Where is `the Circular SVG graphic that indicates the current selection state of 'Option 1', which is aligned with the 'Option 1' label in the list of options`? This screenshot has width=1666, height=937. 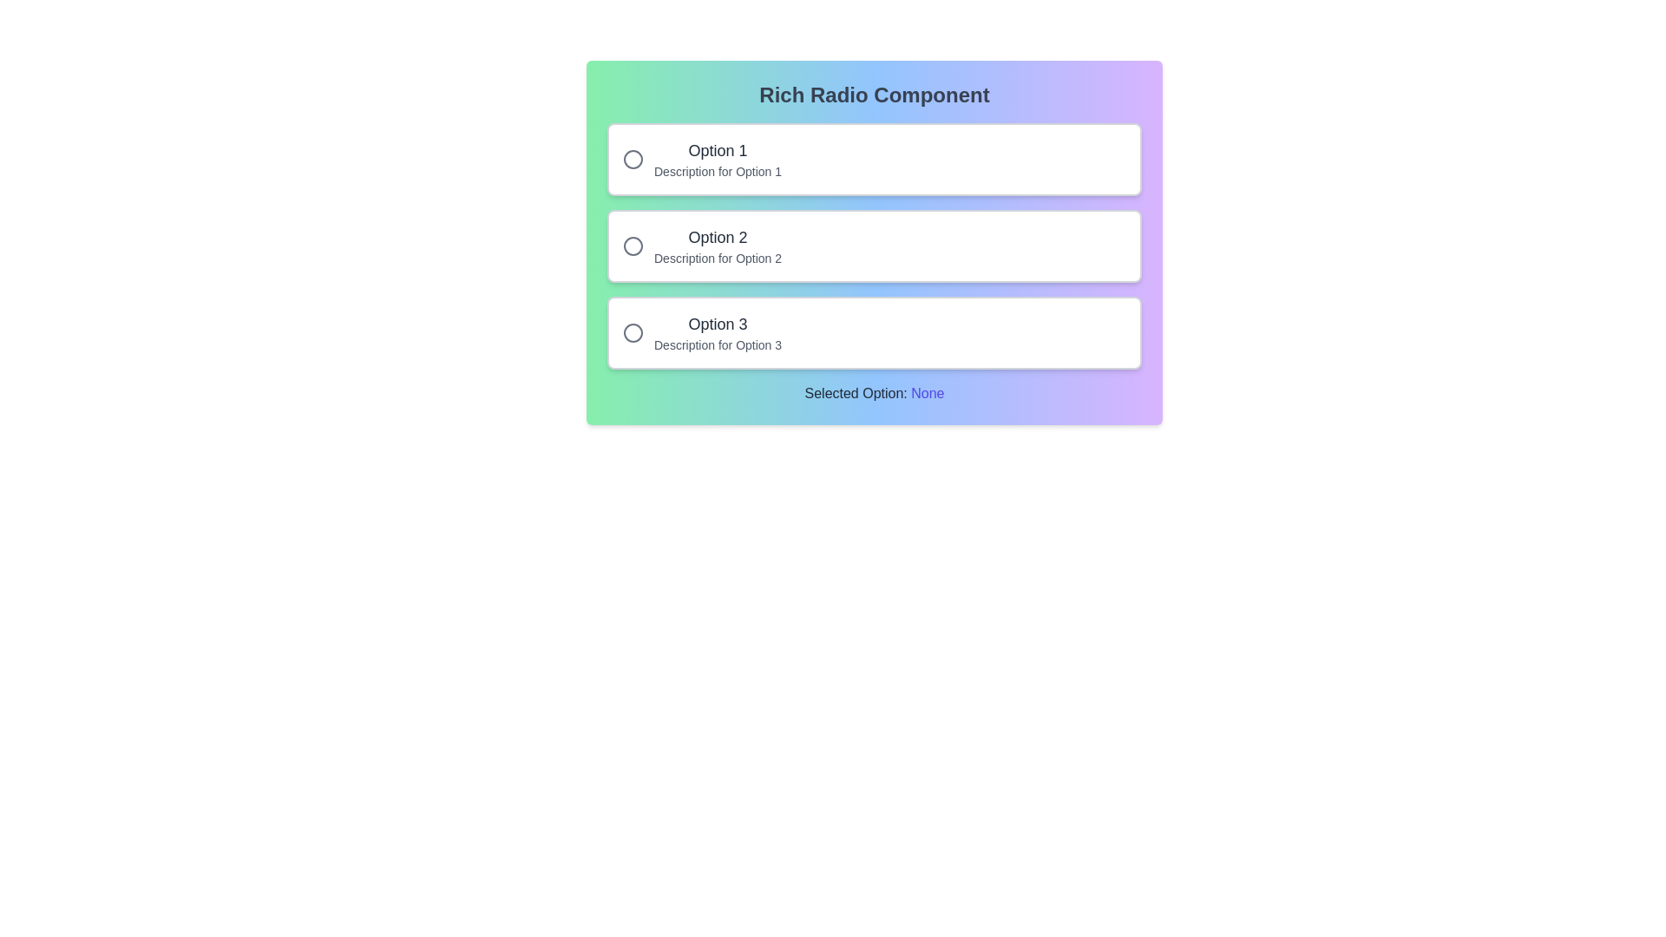 the Circular SVG graphic that indicates the current selection state of 'Option 1', which is aligned with the 'Option 1' label in the list of options is located at coordinates (632, 160).